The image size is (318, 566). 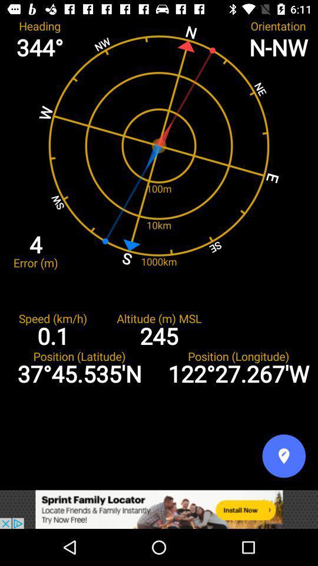 I want to click on display current user coordinates, so click(x=283, y=455).